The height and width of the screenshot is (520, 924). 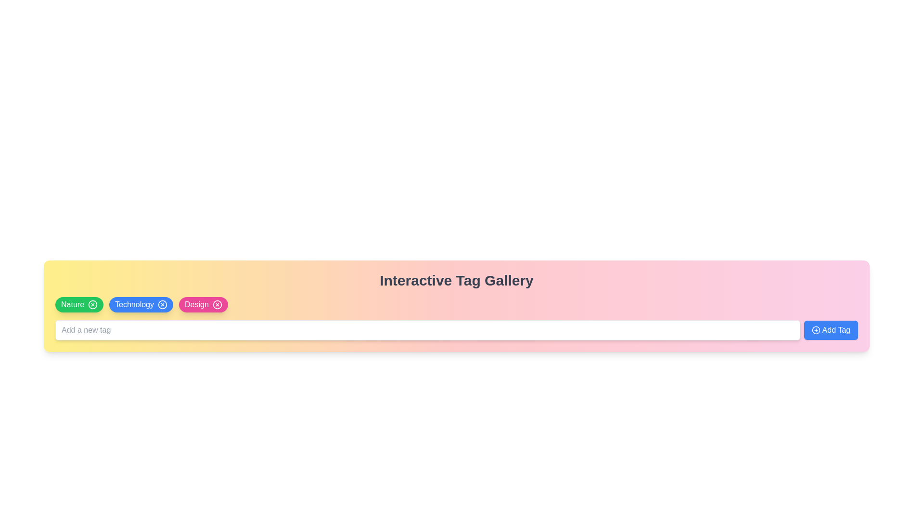 What do you see at coordinates (79, 304) in the screenshot?
I see `the 'X' icon on the green badge labeled 'Nature'` at bounding box center [79, 304].